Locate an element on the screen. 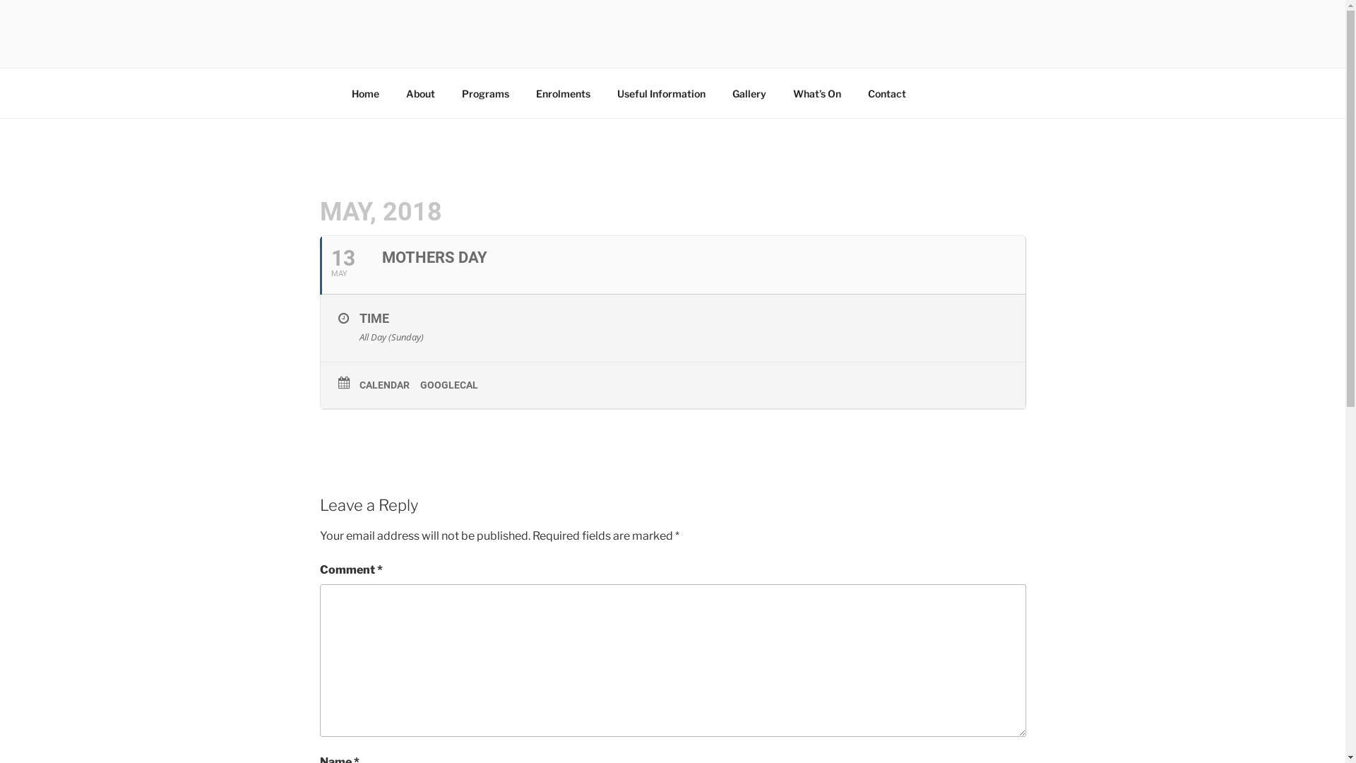  'Programs' is located at coordinates (484, 93).